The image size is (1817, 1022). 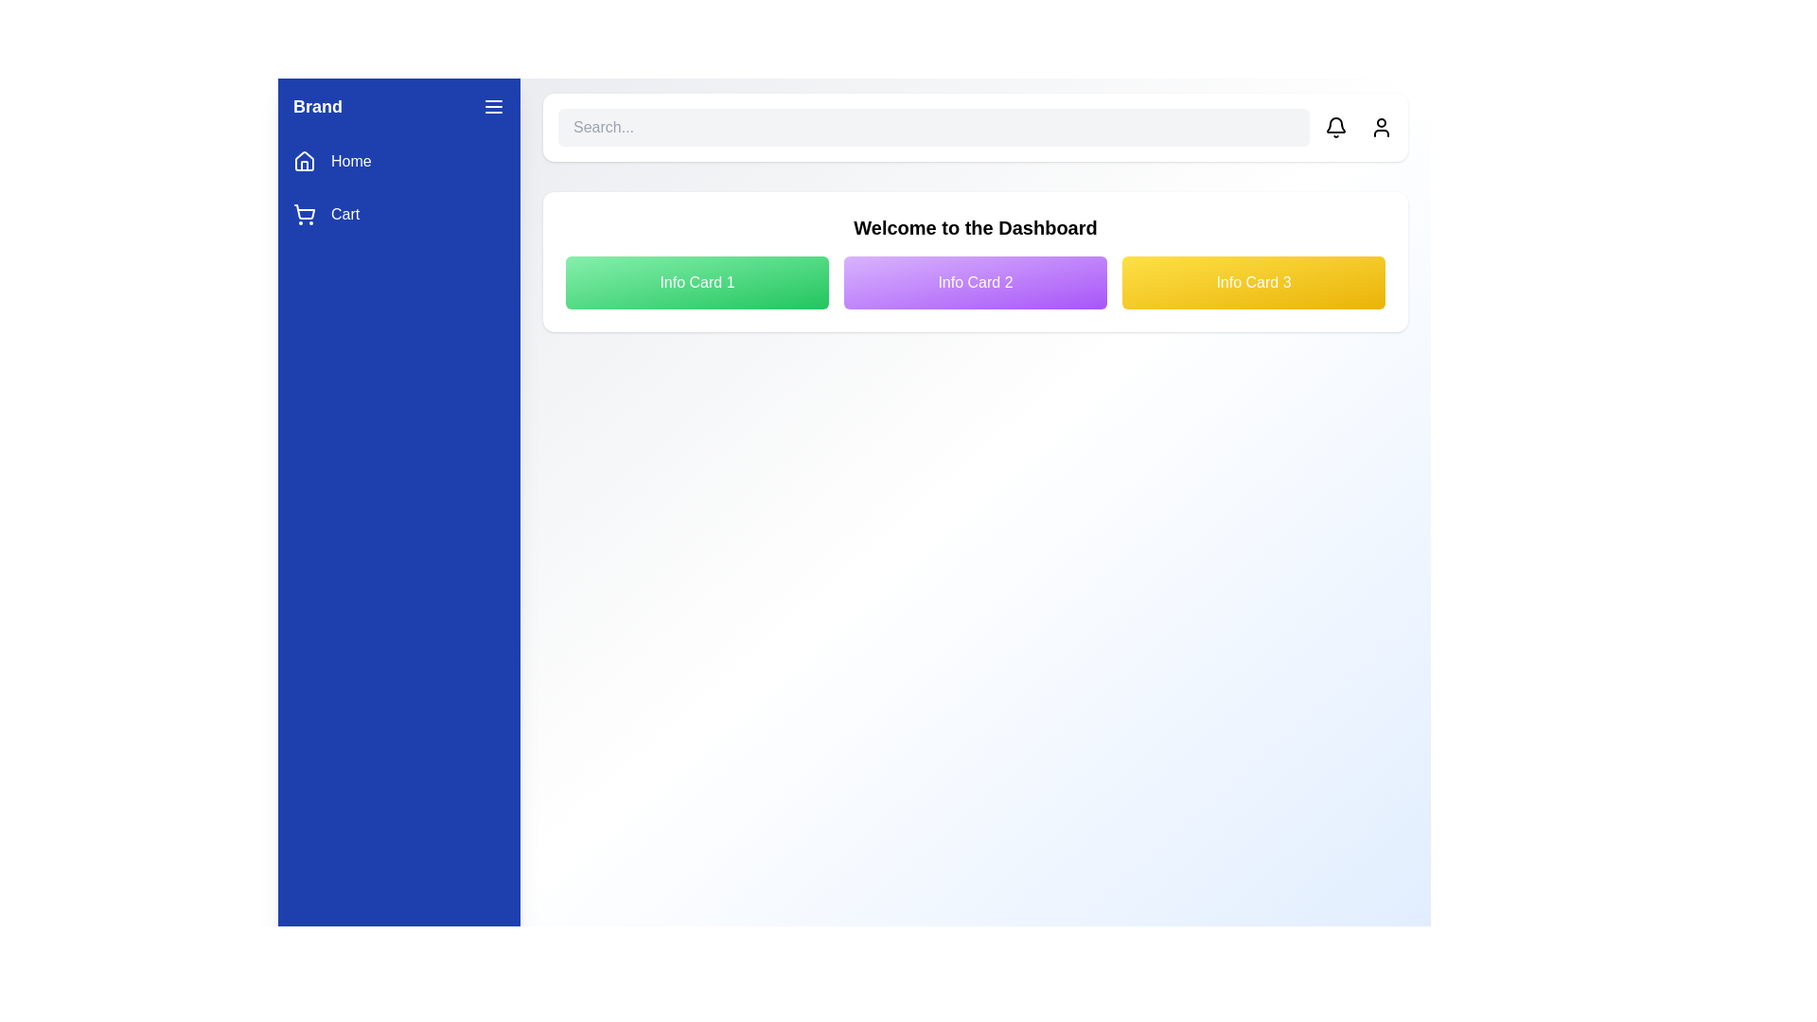 What do you see at coordinates (1334, 128) in the screenshot?
I see `the bell icon to access notifications` at bounding box center [1334, 128].